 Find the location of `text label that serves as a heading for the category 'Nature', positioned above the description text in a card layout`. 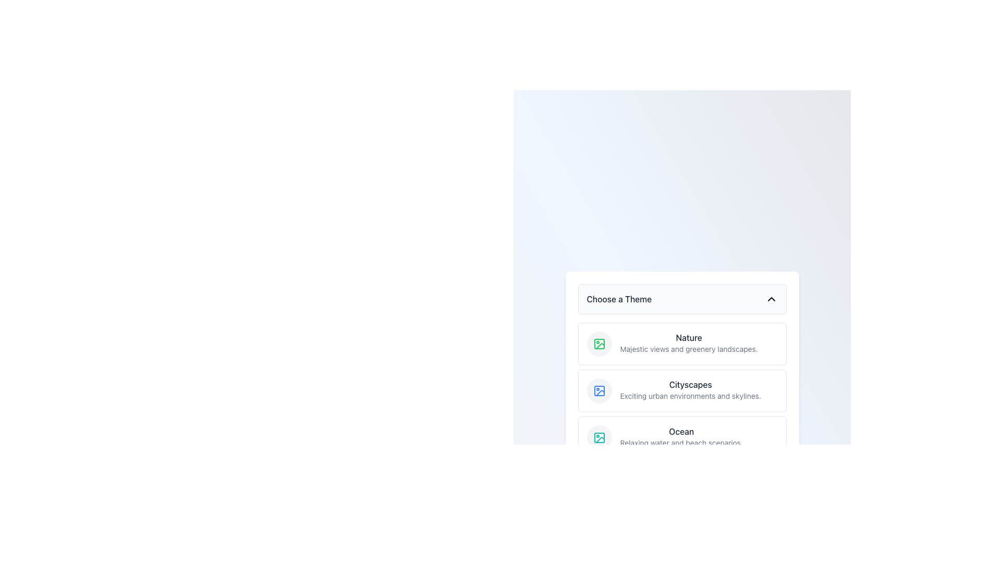

text label that serves as a heading for the category 'Nature', positioned above the description text in a card layout is located at coordinates (689, 338).